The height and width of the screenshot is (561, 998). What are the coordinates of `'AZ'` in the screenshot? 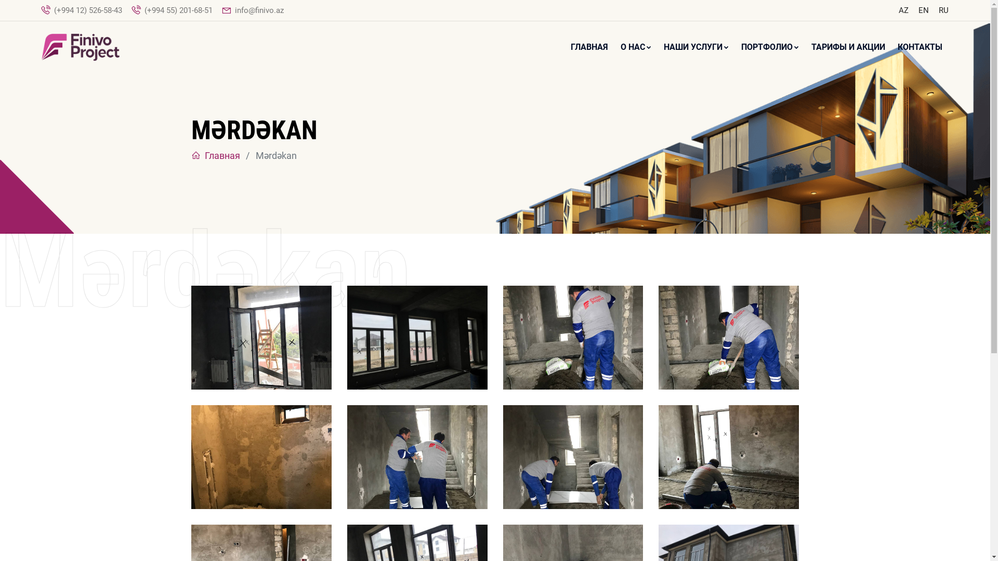 It's located at (903, 10).